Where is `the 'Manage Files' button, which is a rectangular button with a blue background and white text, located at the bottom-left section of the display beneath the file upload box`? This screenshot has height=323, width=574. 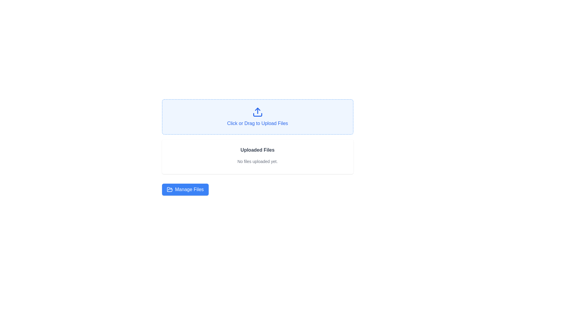
the 'Manage Files' button, which is a rectangular button with a blue background and white text, located at the bottom-left section of the display beneath the file upload box is located at coordinates (185, 189).